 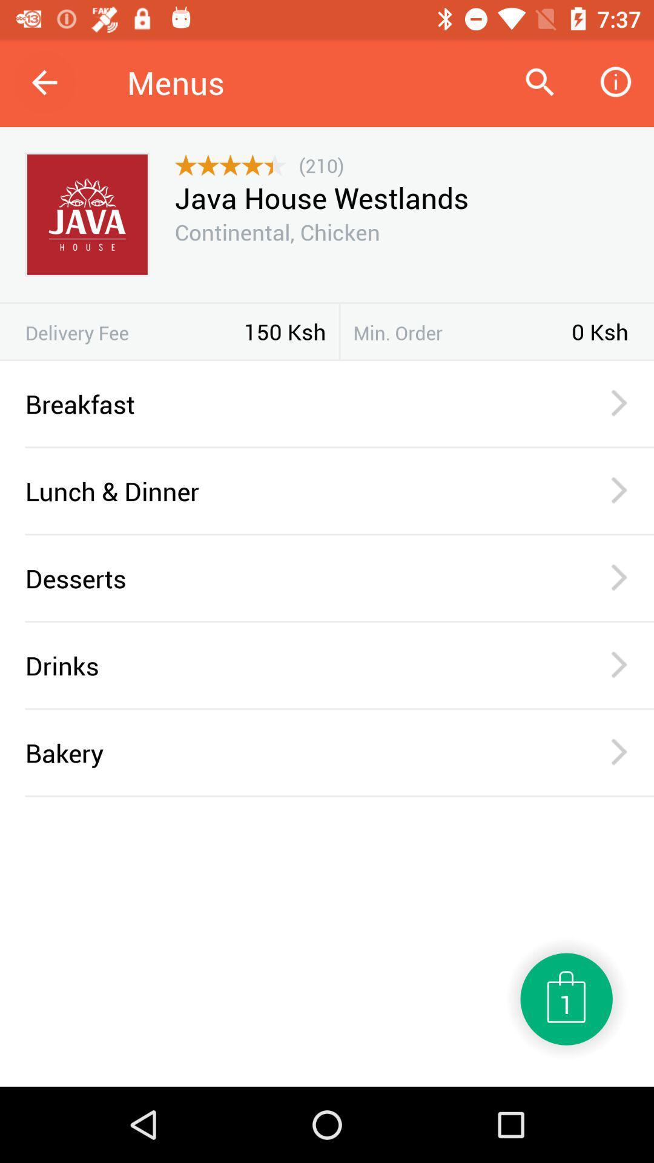 I want to click on the (210) item, so click(x=321, y=165).